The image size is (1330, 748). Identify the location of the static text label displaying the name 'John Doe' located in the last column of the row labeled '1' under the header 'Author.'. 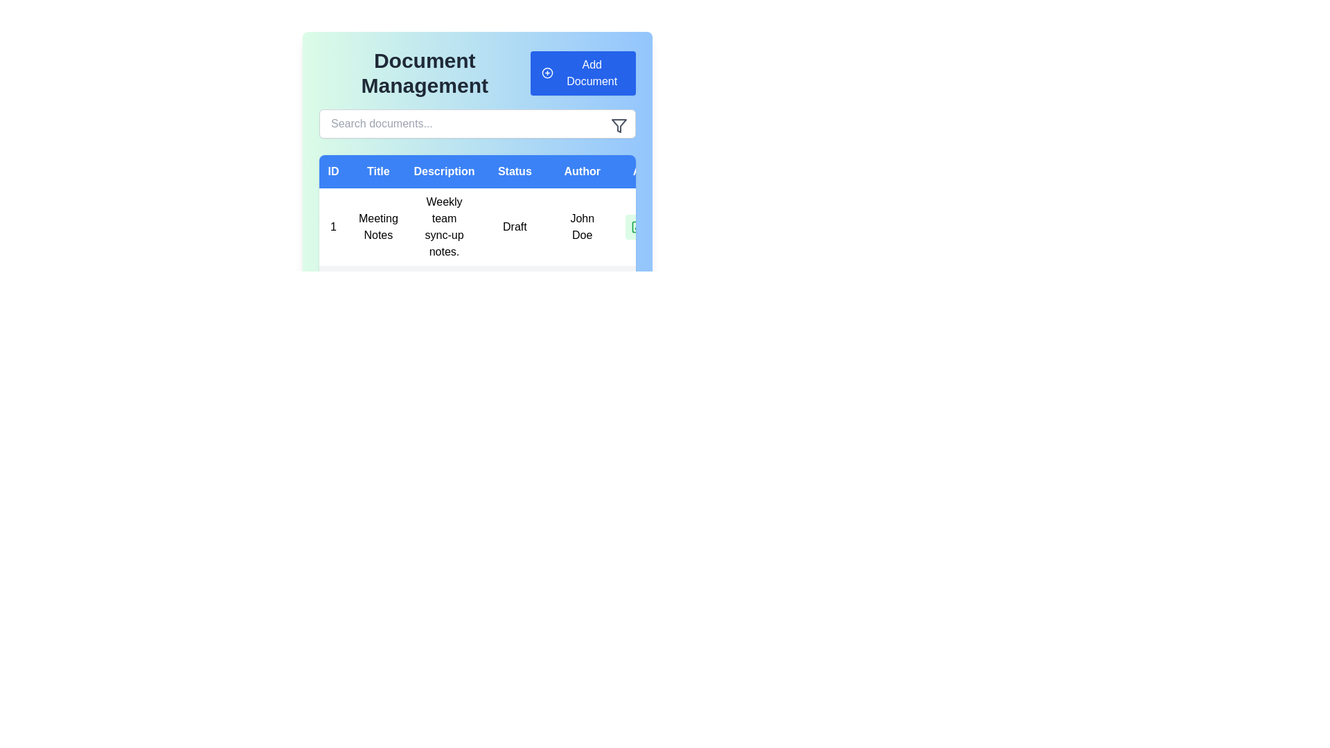
(582, 226).